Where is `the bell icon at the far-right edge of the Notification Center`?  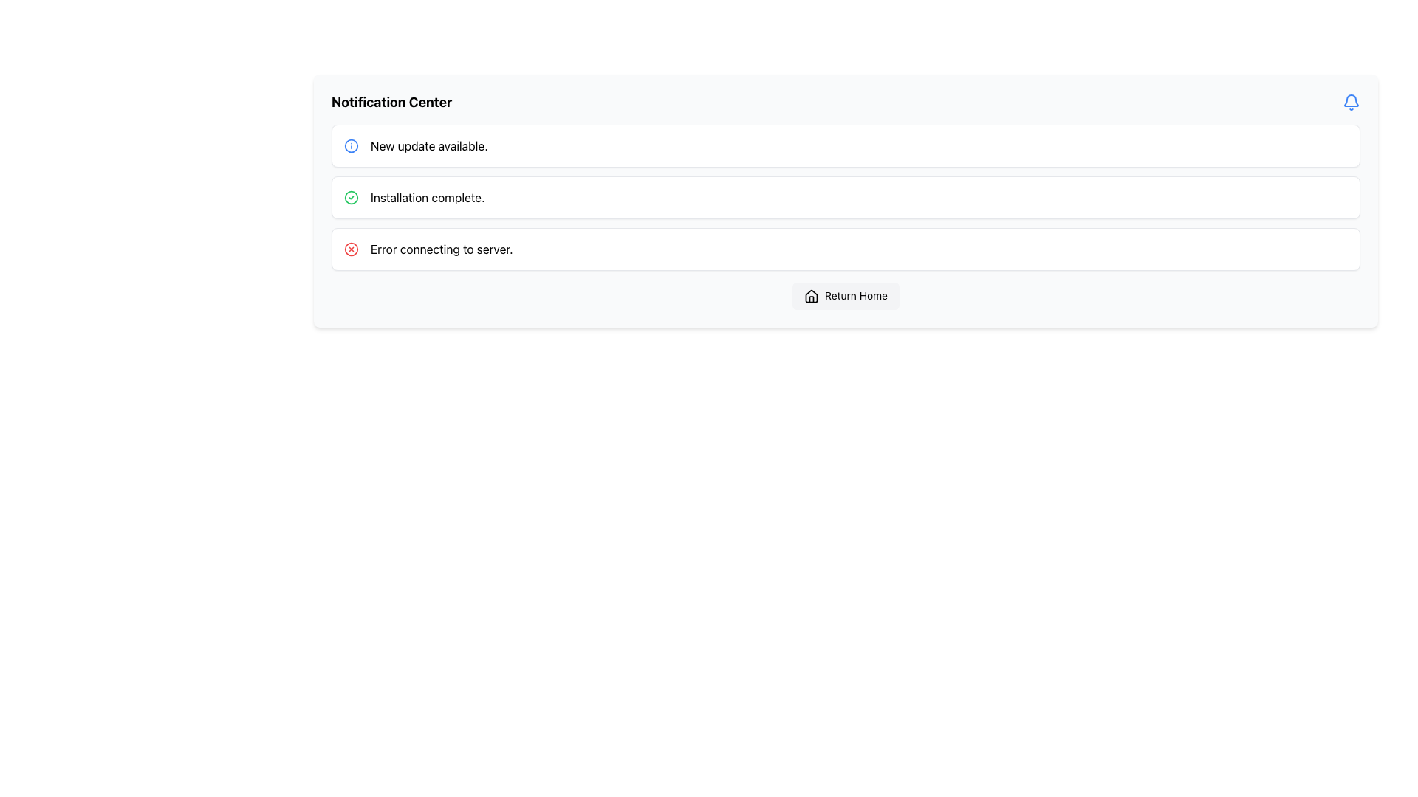
the bell icon at the far-right edge of the Notification Center is located at coordinates (1351, 101).